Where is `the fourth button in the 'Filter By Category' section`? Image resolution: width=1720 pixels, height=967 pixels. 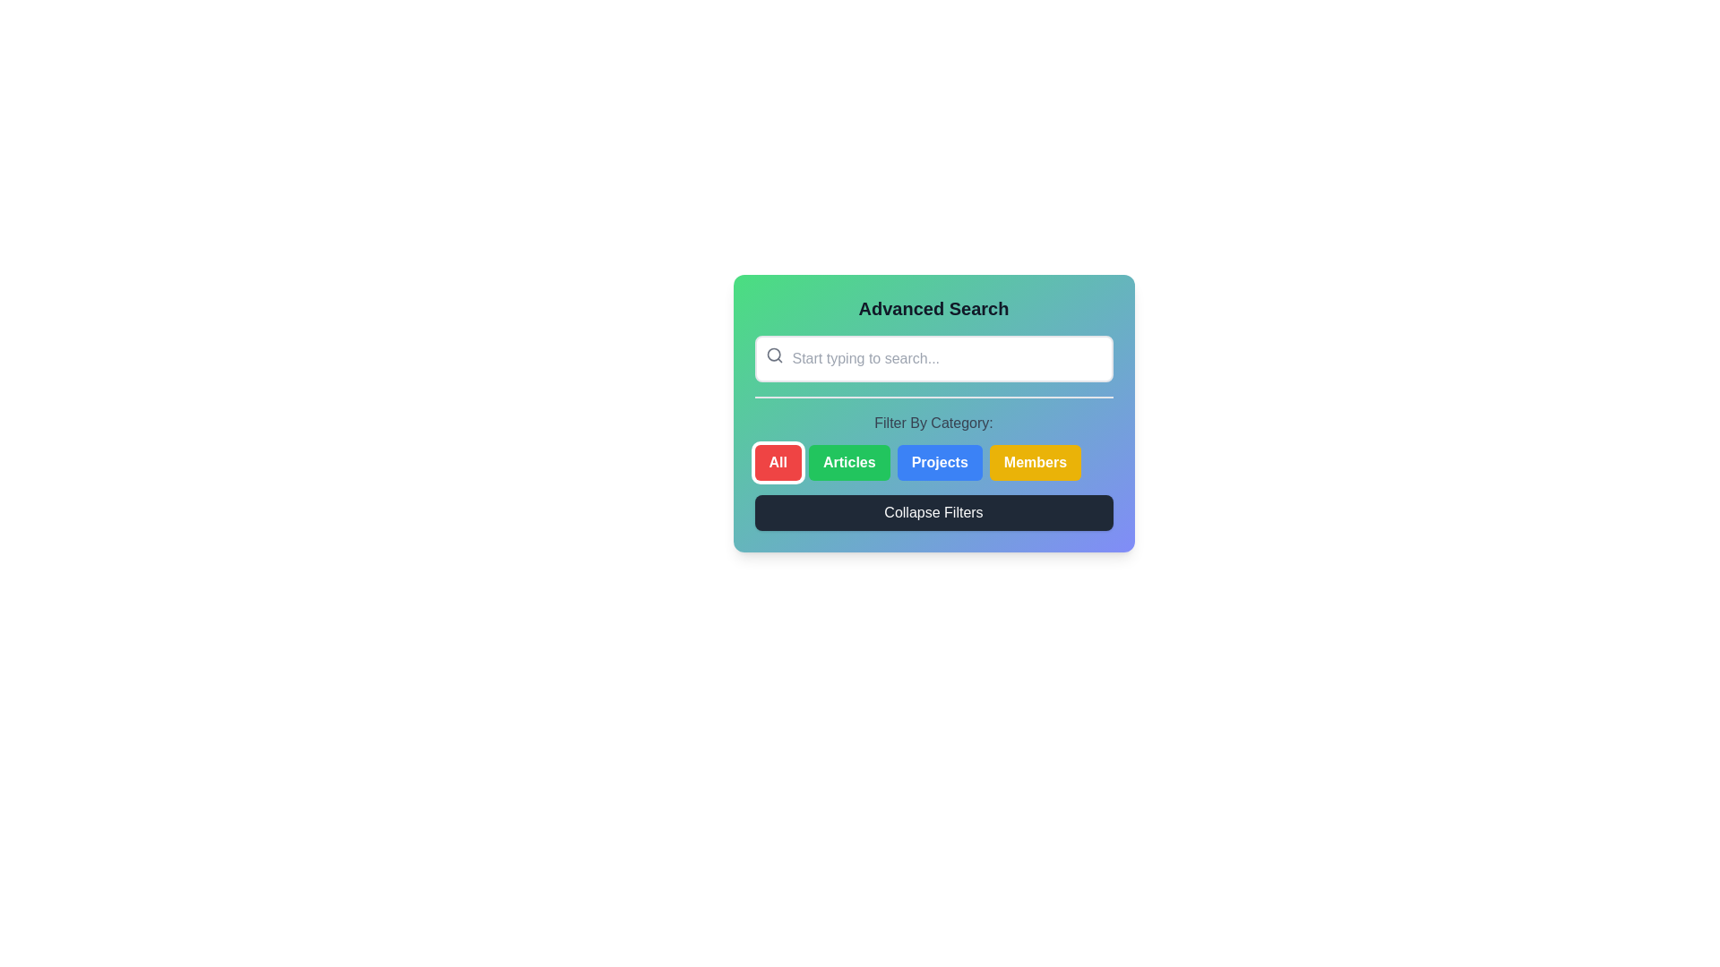 the fourth button in the 'Filter By Category' section is located at coordinates (1035, 461).